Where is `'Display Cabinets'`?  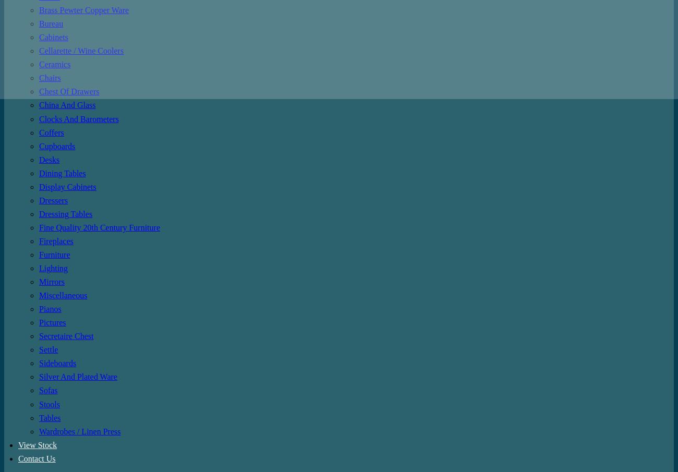
'Display Cabinets' is located at coordinates (67, 186).